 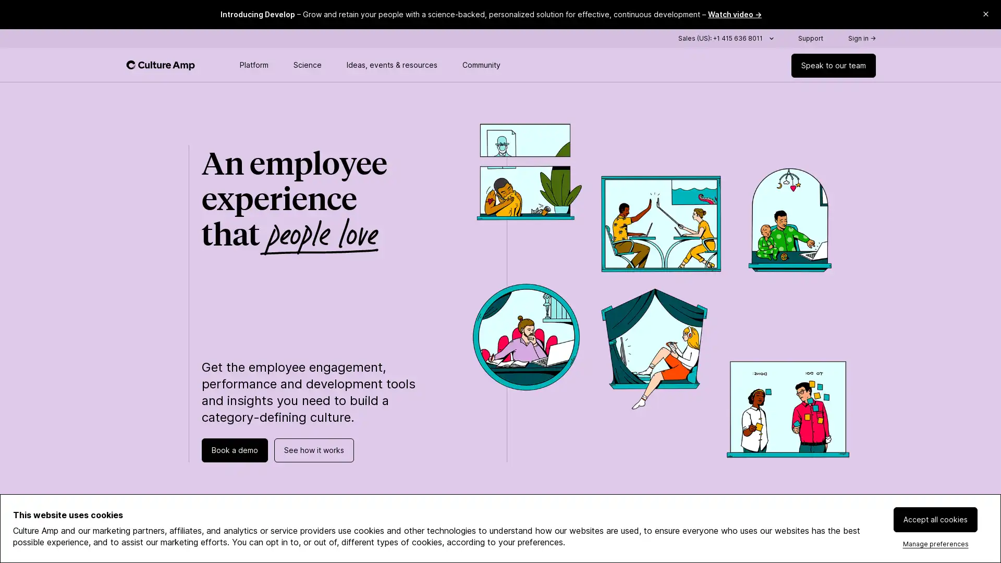 I want to click on Toggle platform menu, so click(x=254, y=65).